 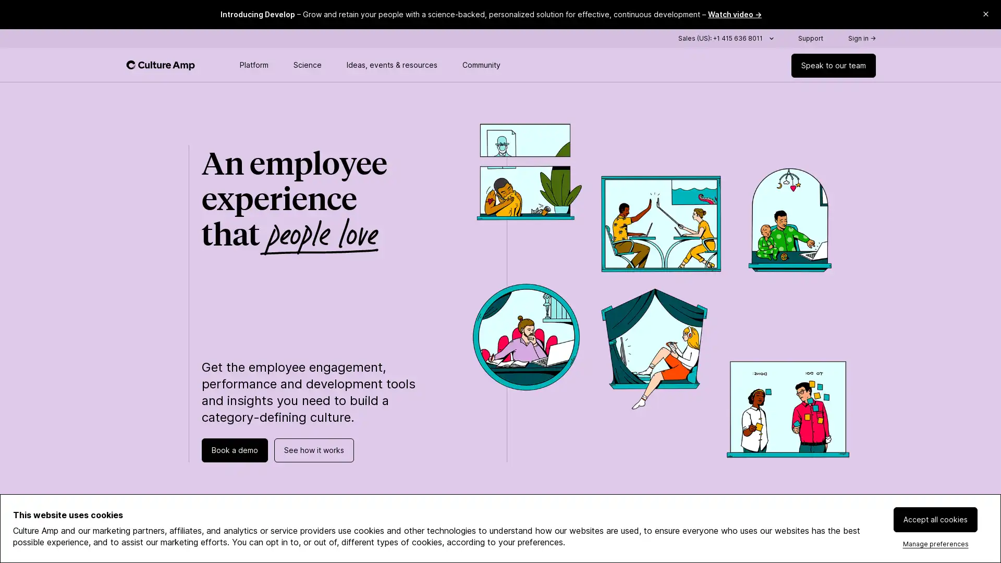 I want to click on Toggle platform menu, so click(x=254, y=65).